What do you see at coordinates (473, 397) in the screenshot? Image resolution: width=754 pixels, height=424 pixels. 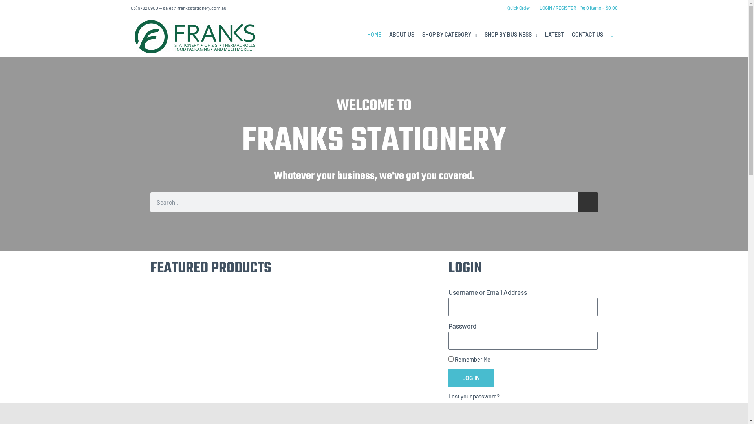 I see `'Lost your password?'` at bounding box center [473, 397].